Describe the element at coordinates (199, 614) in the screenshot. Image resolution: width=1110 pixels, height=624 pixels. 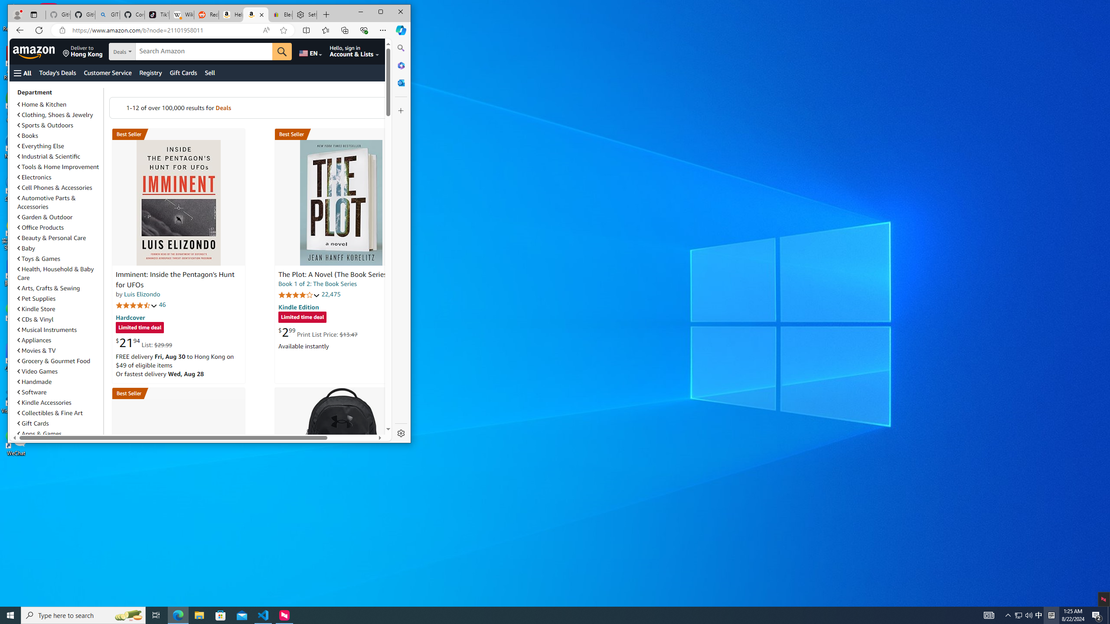
I see `'File Explorer'` at that location.